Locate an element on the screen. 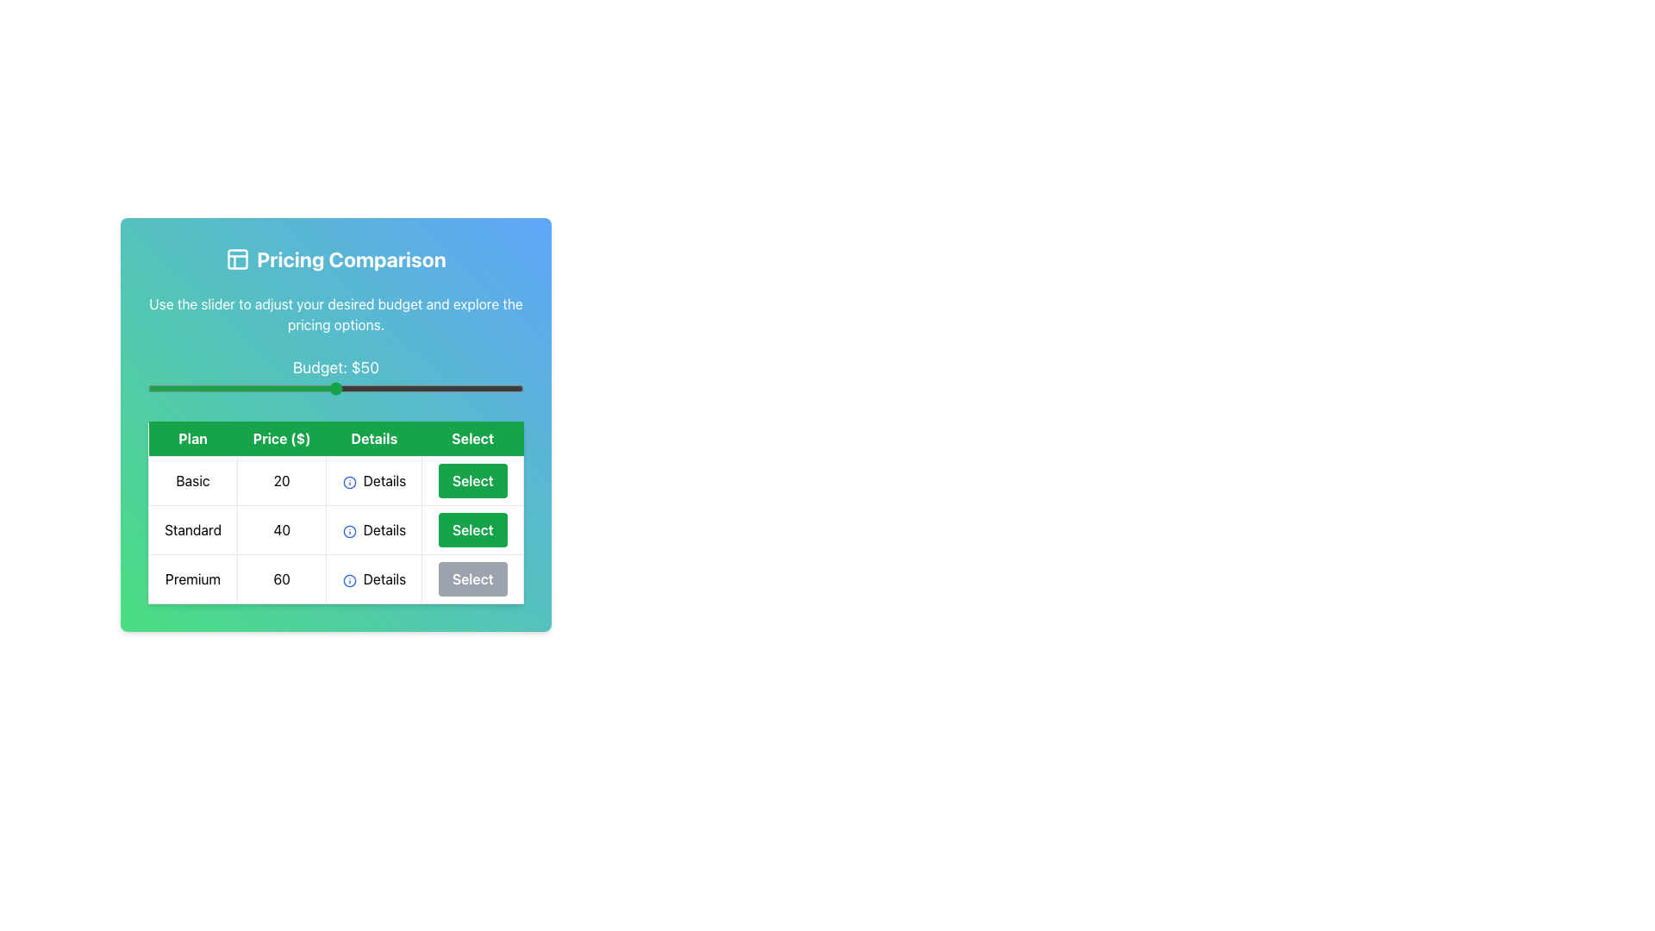  the budget is located at coordinates (264, 389).